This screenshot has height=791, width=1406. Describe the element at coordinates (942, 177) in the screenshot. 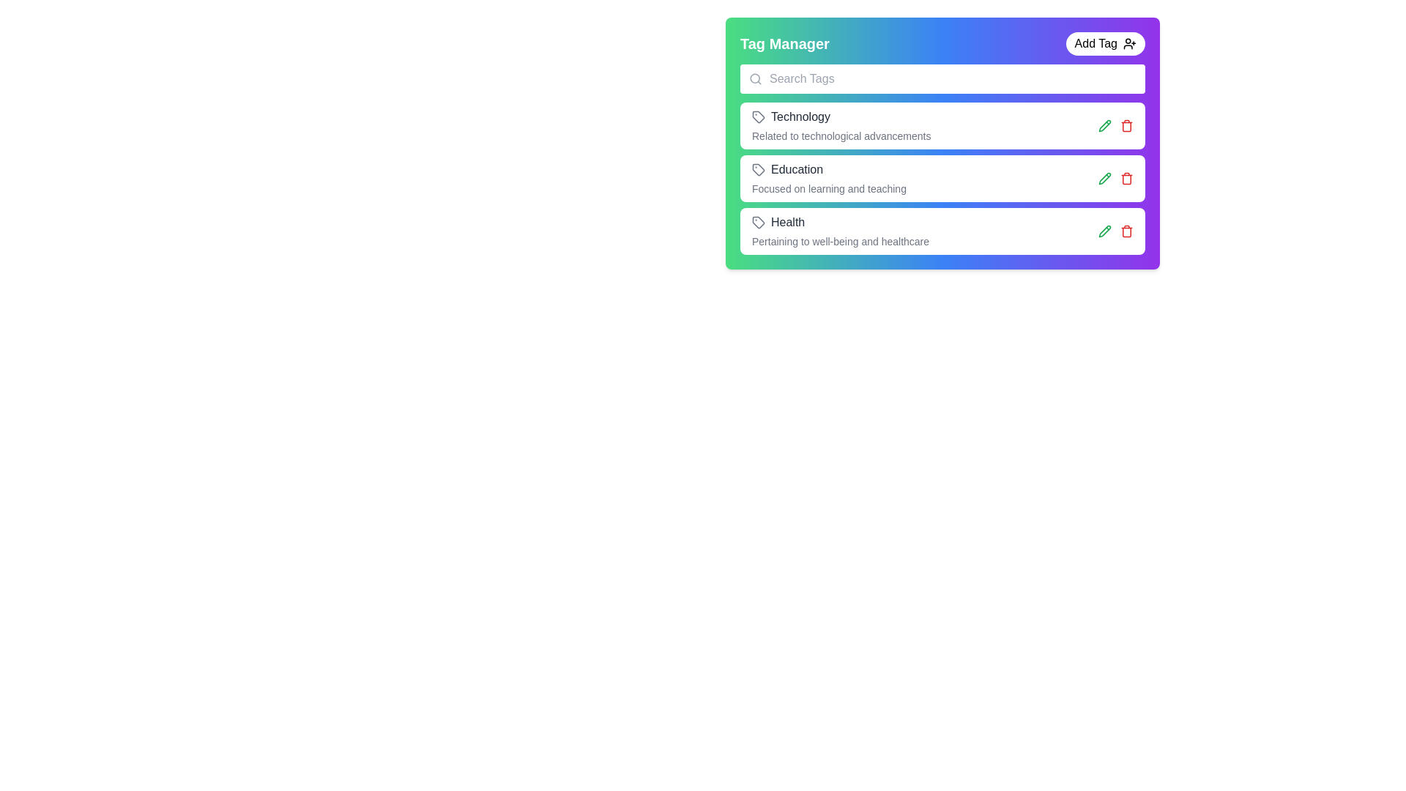

I see `the labeled card titled 'Education' with the subtitle 'Focused on learning and teaching' located in the 'Tag Manager' section` at that location.